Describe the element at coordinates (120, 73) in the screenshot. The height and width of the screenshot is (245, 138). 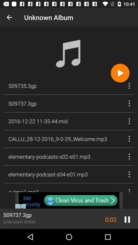
I see `option` at that location.